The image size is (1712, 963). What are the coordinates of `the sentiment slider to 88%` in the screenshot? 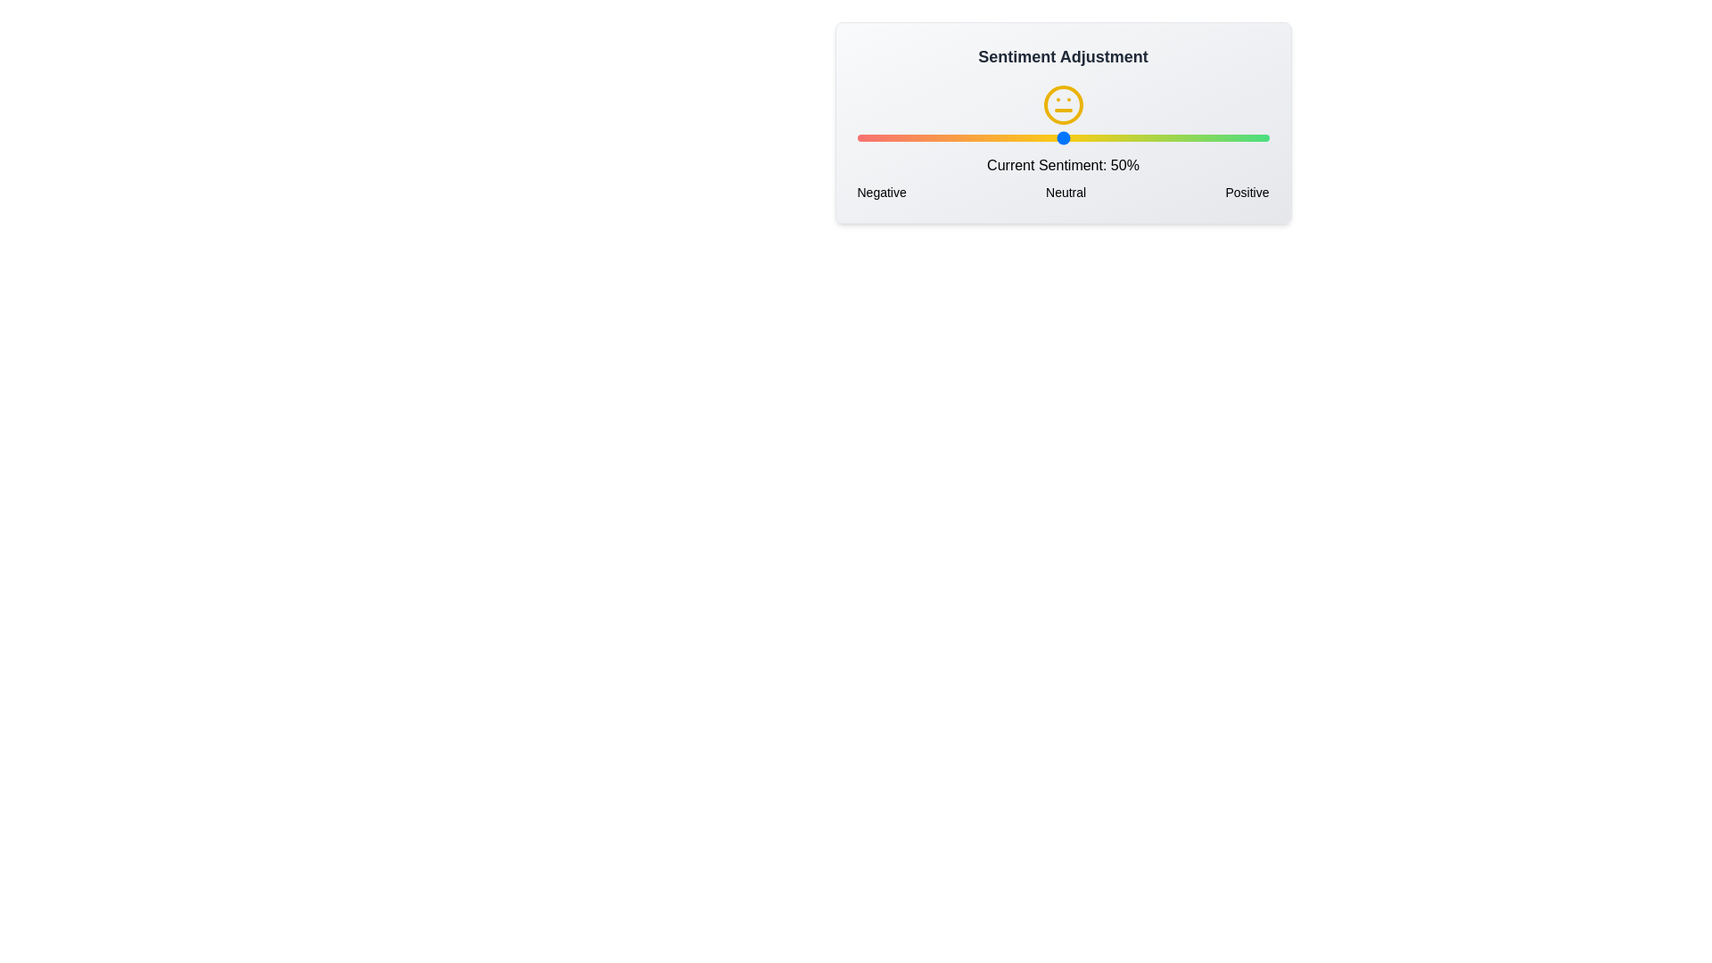 It's located at (1219, 136).